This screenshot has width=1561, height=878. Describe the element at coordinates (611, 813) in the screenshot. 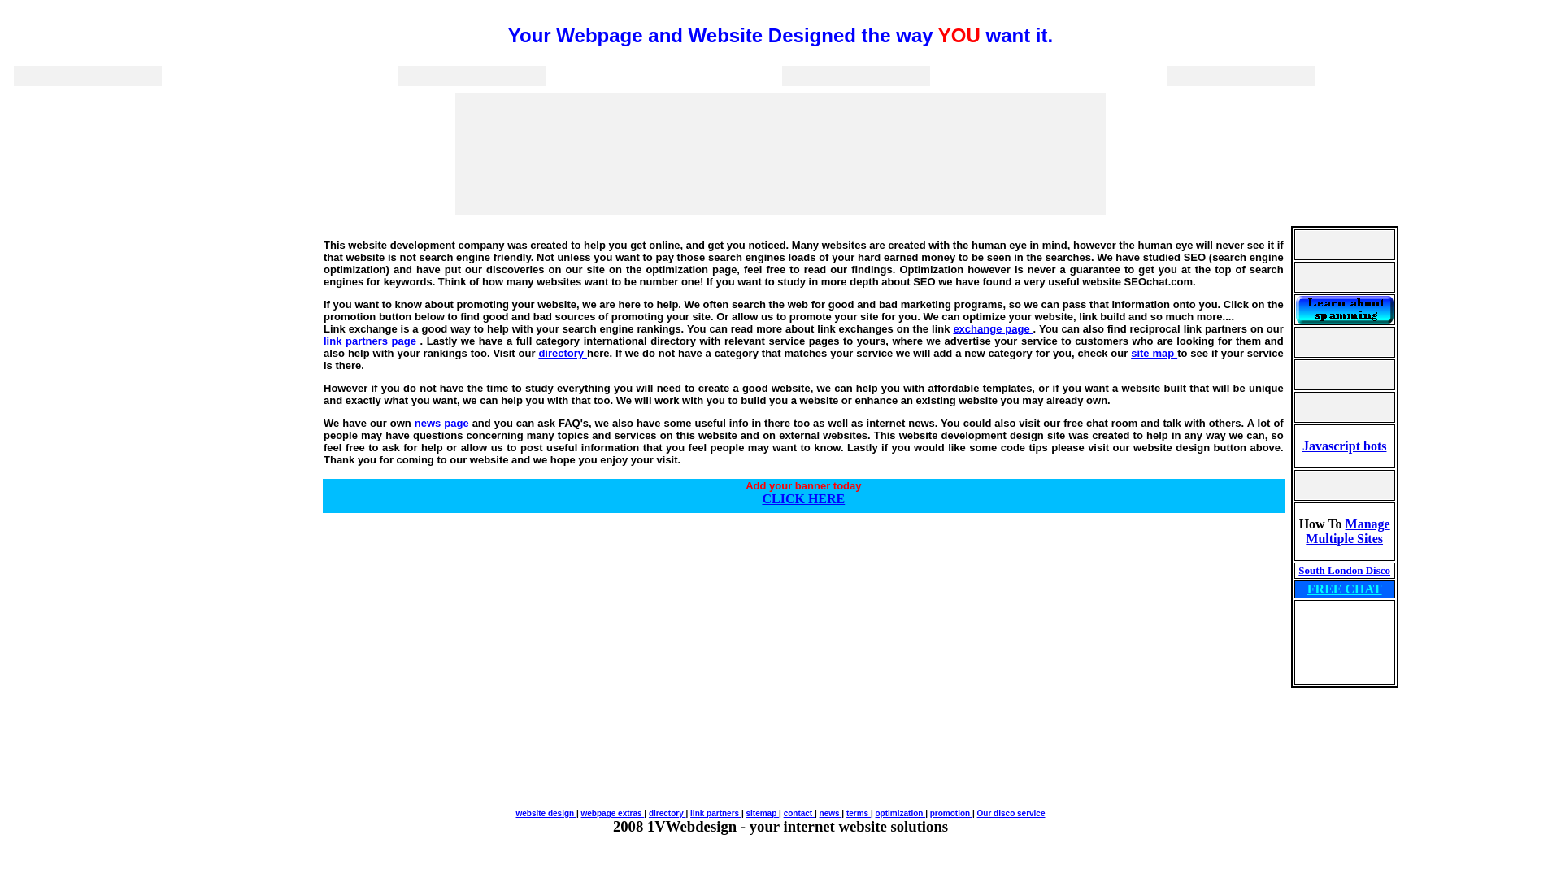

I see `'webpage extras'` at that location.